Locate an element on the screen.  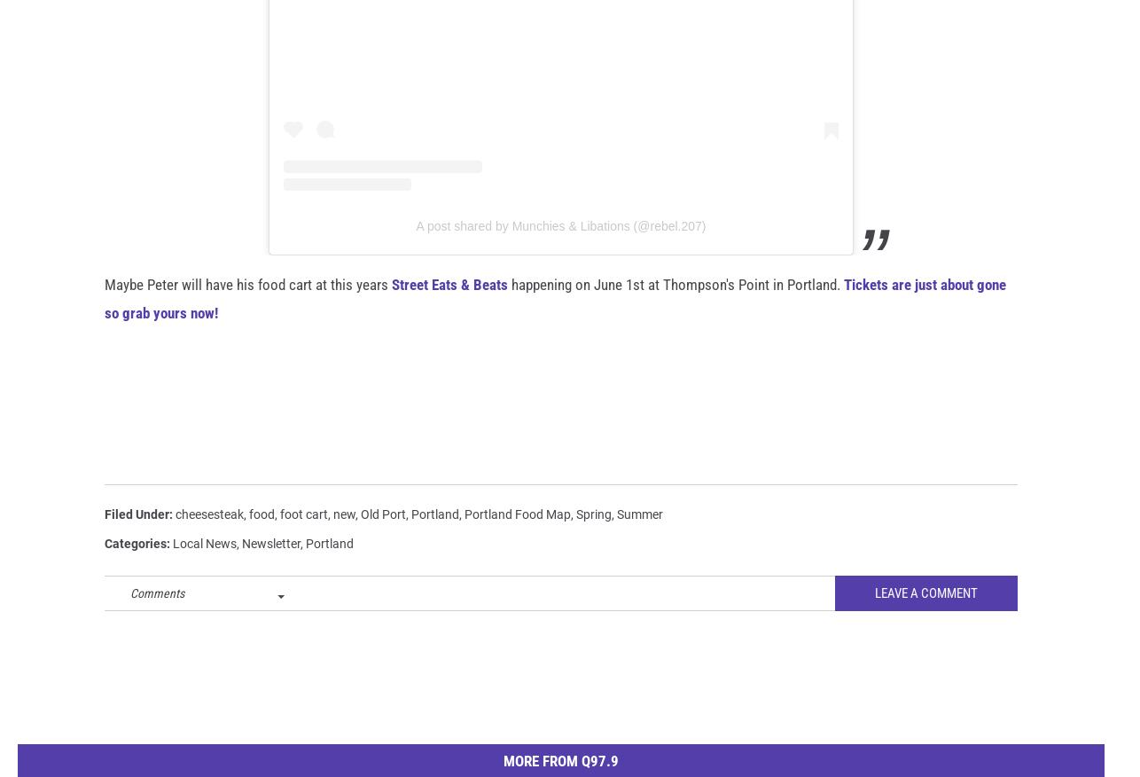
'cheesesteak' is located at coordinates (209, 542).